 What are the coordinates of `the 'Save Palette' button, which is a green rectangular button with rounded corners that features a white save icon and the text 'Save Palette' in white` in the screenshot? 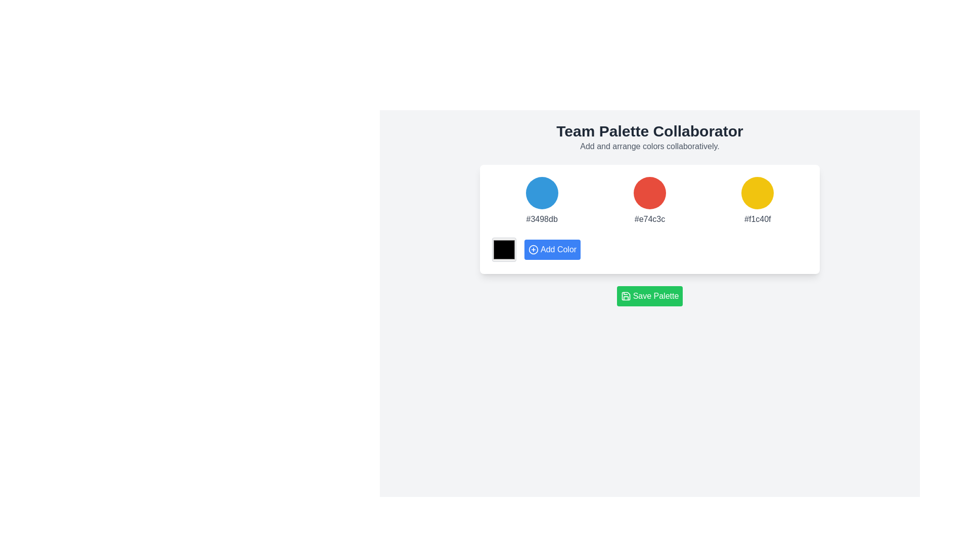 It's located at (650, 296).